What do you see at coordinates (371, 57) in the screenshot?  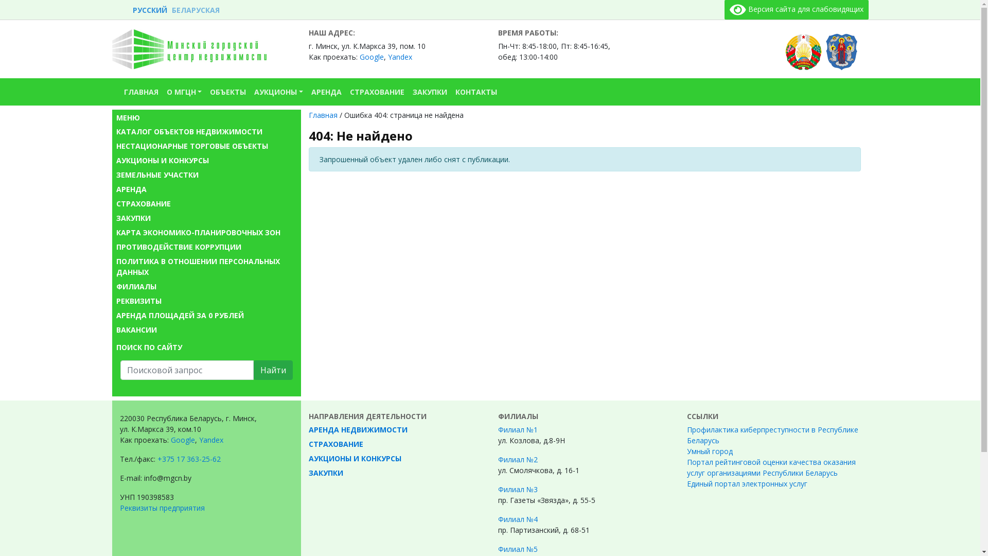 I see `'Google'` at bounding box center [371, 57].